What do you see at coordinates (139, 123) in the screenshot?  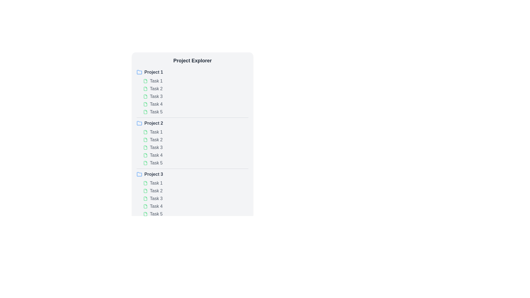 I see `the folder icon representing 'Project 2' located in the 'Project Explorer' section, adjacent to the label 'Project 2'` at bounding box center [139, 123].